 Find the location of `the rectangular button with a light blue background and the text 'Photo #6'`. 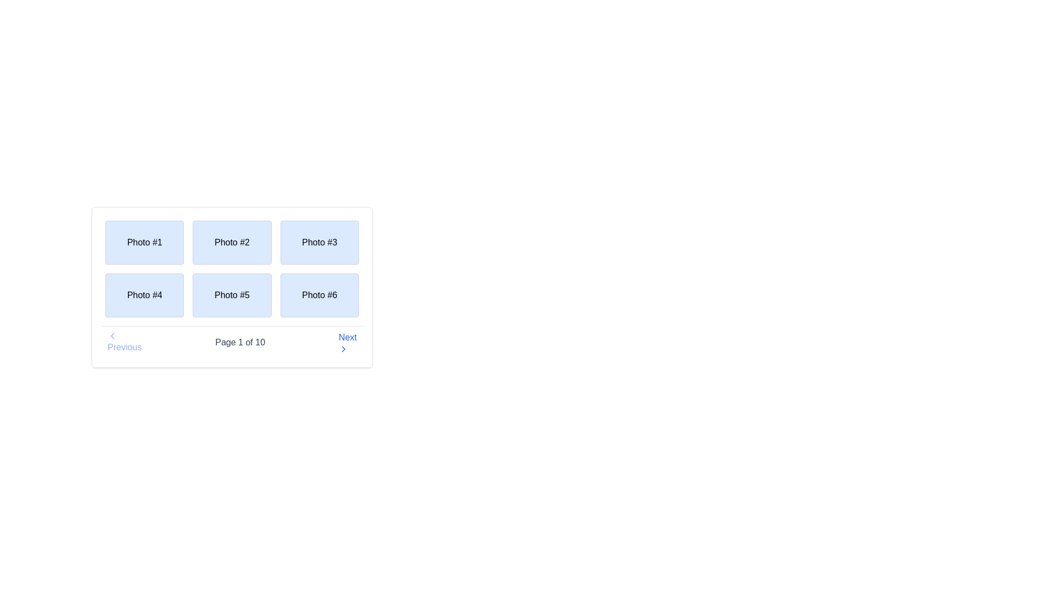

the rectangular button with a light blue background and the text 'Photo #6' is located at coordinates (319, 294).